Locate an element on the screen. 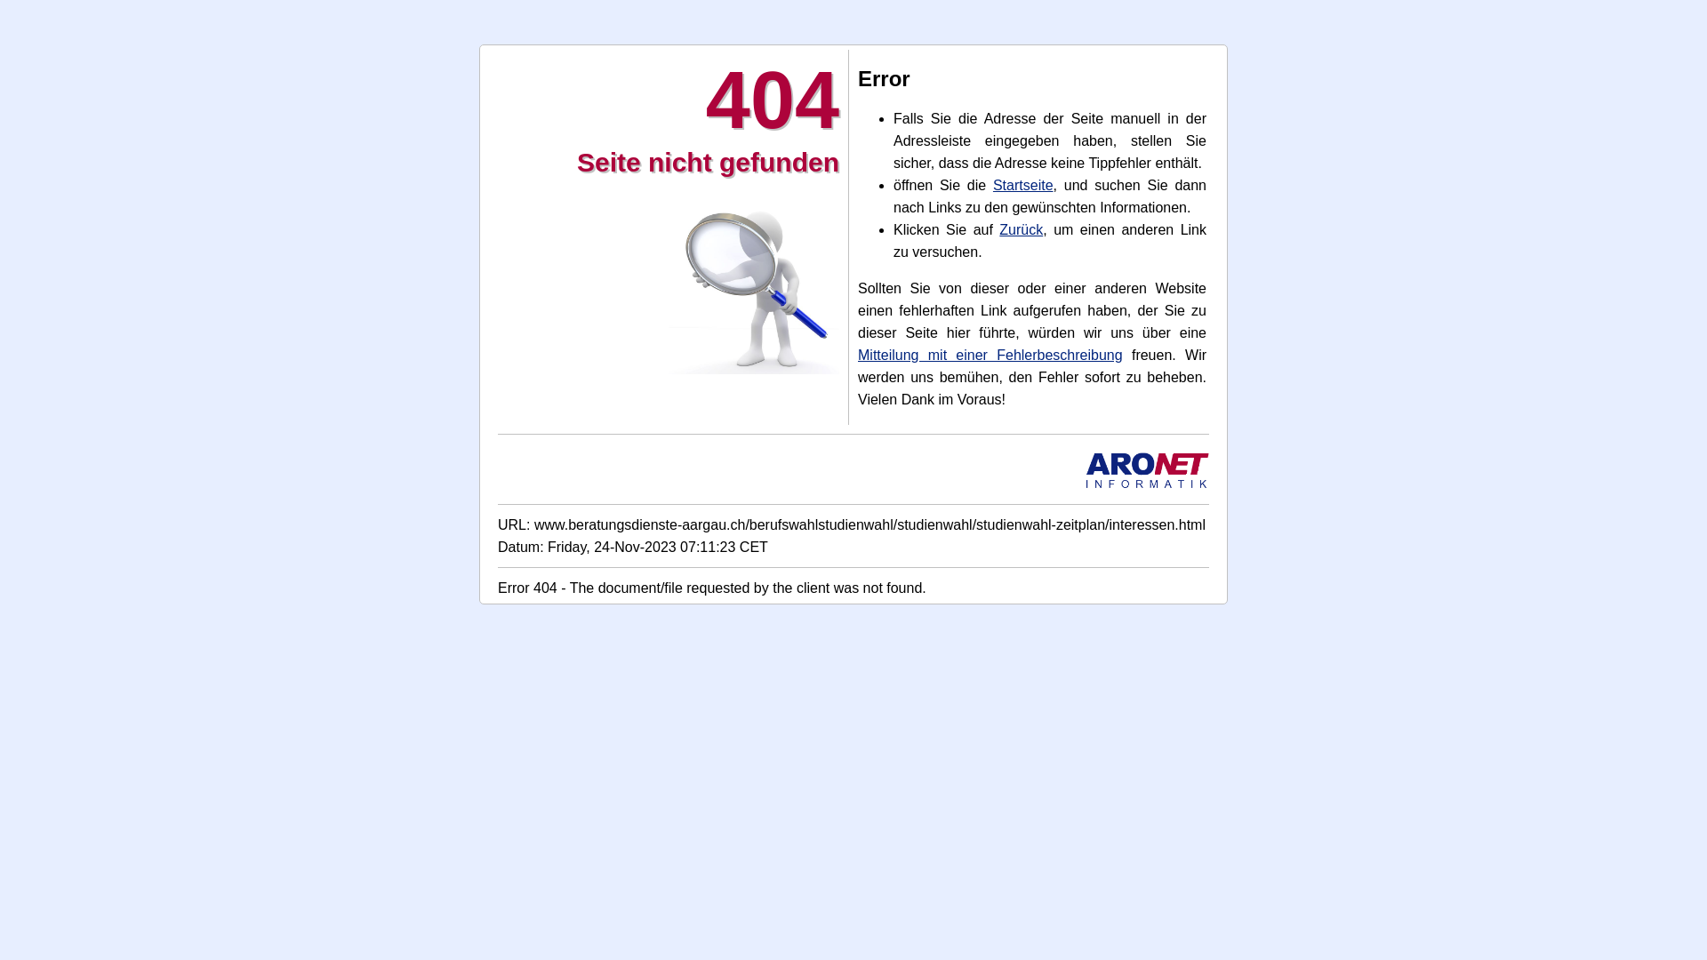  'Startseite' is located at coordinates (1023, 185).